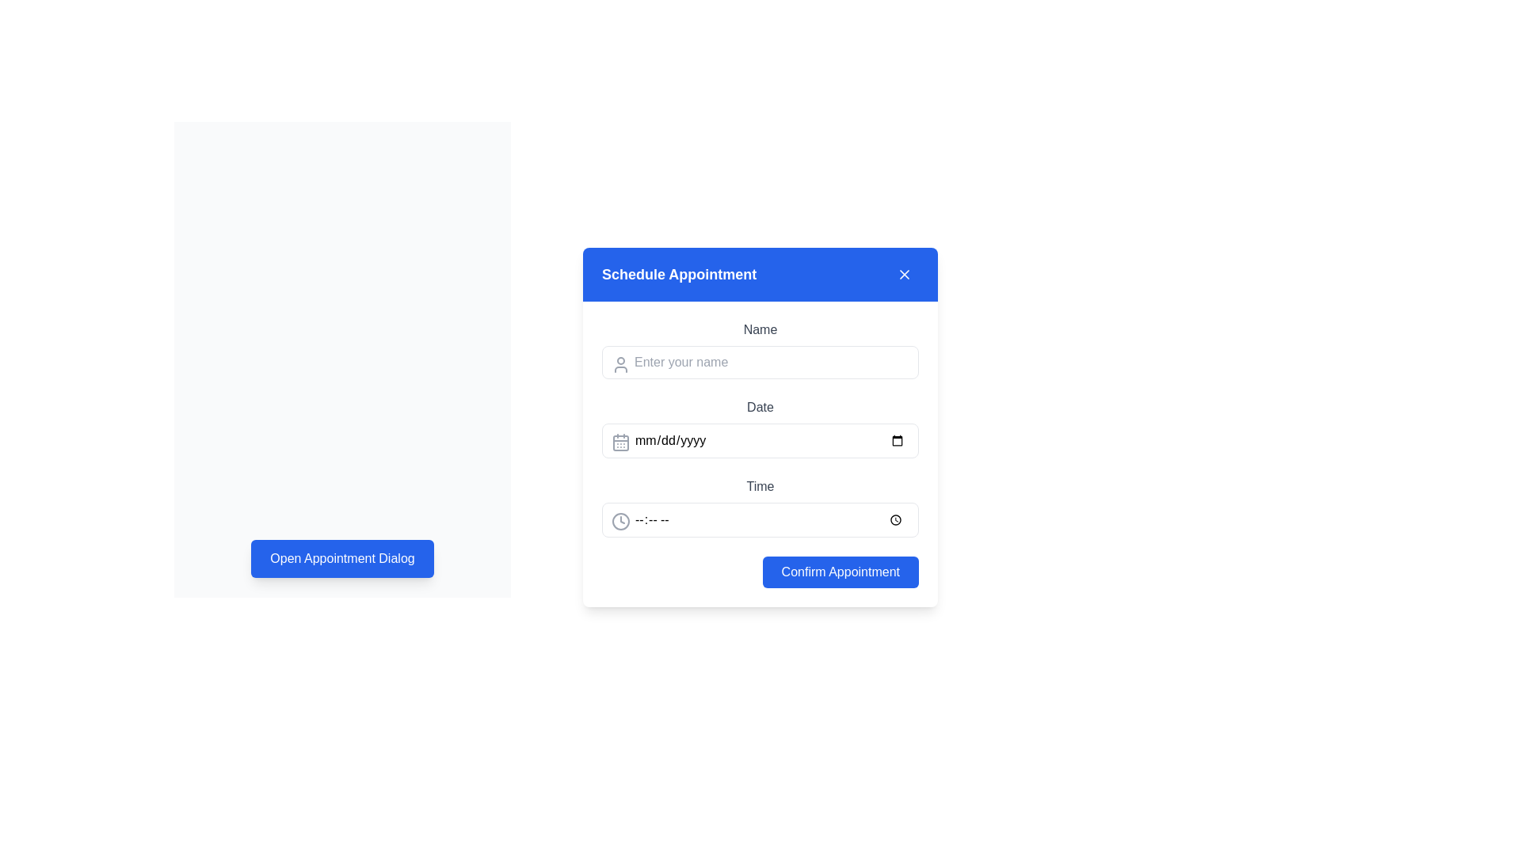 The image size is (1521, 855). What do you see at coordinates (760, 507) in the screenshot?
I see `the Time picker component in the 'Schedule Appointment' dialog` at bounding box center [760, 507].